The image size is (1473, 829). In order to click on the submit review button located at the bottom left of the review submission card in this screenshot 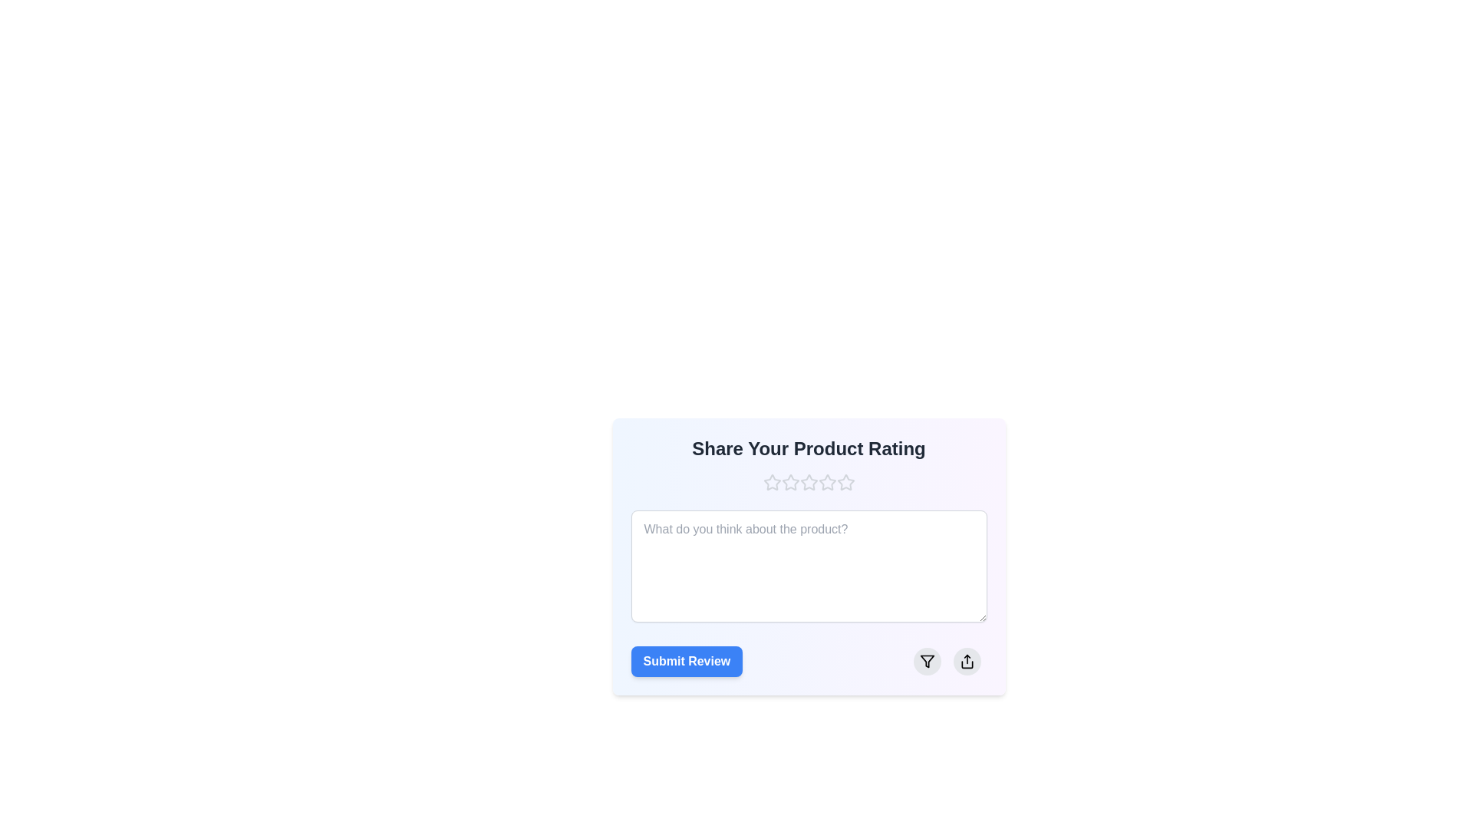, I will do `click(686, 660)`.